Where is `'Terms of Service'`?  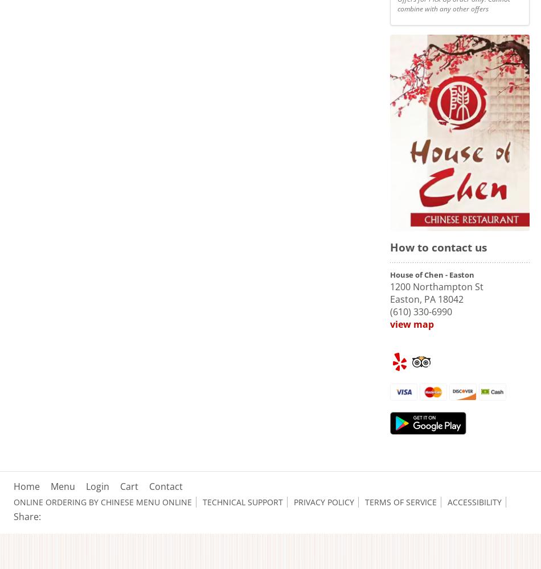
'Terms of Service' is located at coordinates (401, 502).